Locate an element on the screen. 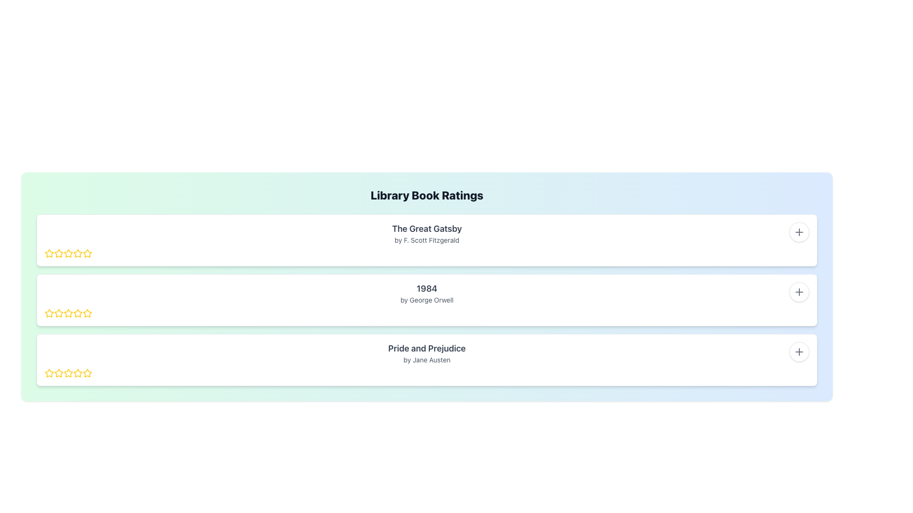  the first star icon in the 5-star rating component is located at coordinates (68, 372).